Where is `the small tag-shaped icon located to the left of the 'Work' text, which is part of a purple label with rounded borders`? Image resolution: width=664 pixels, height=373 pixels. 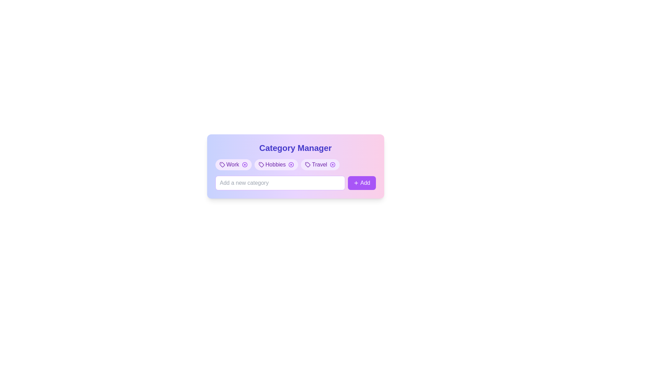 the small tag-shaped icon located to the left of the 'Work' text, which is part of a purple label with rounded borders is located at coordinates (222, 165).